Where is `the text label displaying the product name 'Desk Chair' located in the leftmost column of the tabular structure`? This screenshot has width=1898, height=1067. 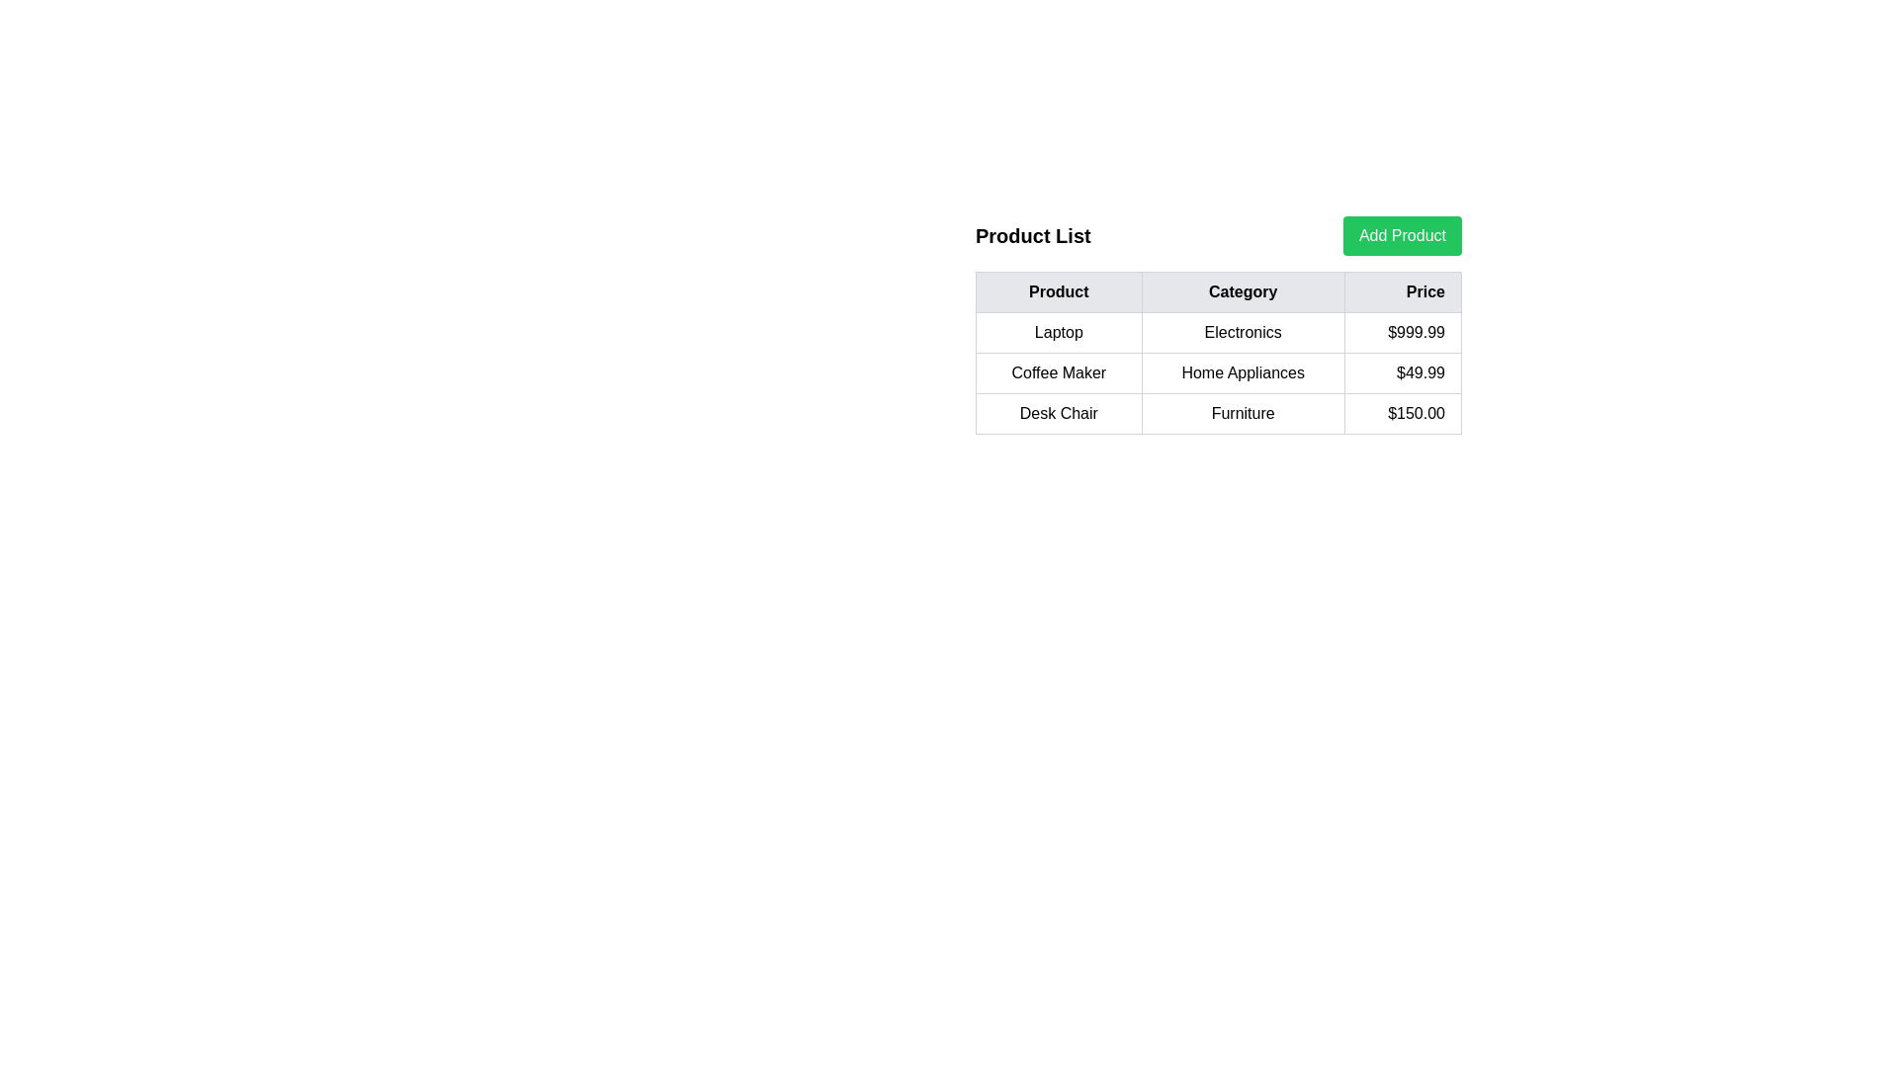
the text label displaying the product name 'Desk Chair' located in the leftmost column of the tabular structure is located at coordinates (1058, 413).